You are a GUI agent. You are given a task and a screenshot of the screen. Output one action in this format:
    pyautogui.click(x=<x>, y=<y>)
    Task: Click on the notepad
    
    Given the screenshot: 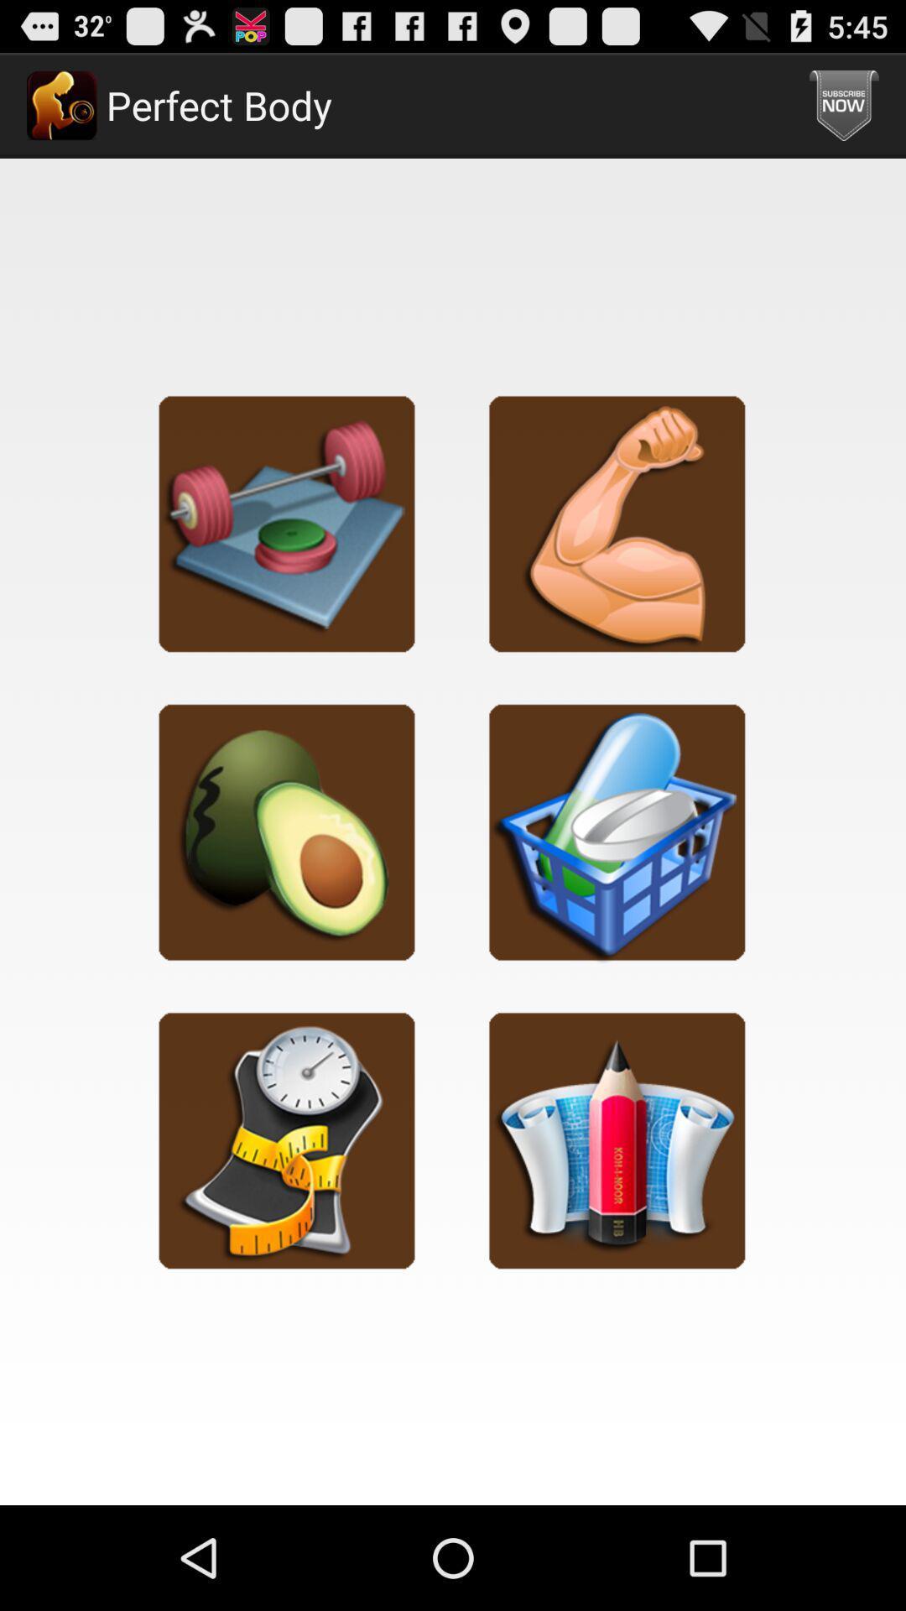 What is the action you would take?
    pyautogui.click(x=617, y=1139)
    